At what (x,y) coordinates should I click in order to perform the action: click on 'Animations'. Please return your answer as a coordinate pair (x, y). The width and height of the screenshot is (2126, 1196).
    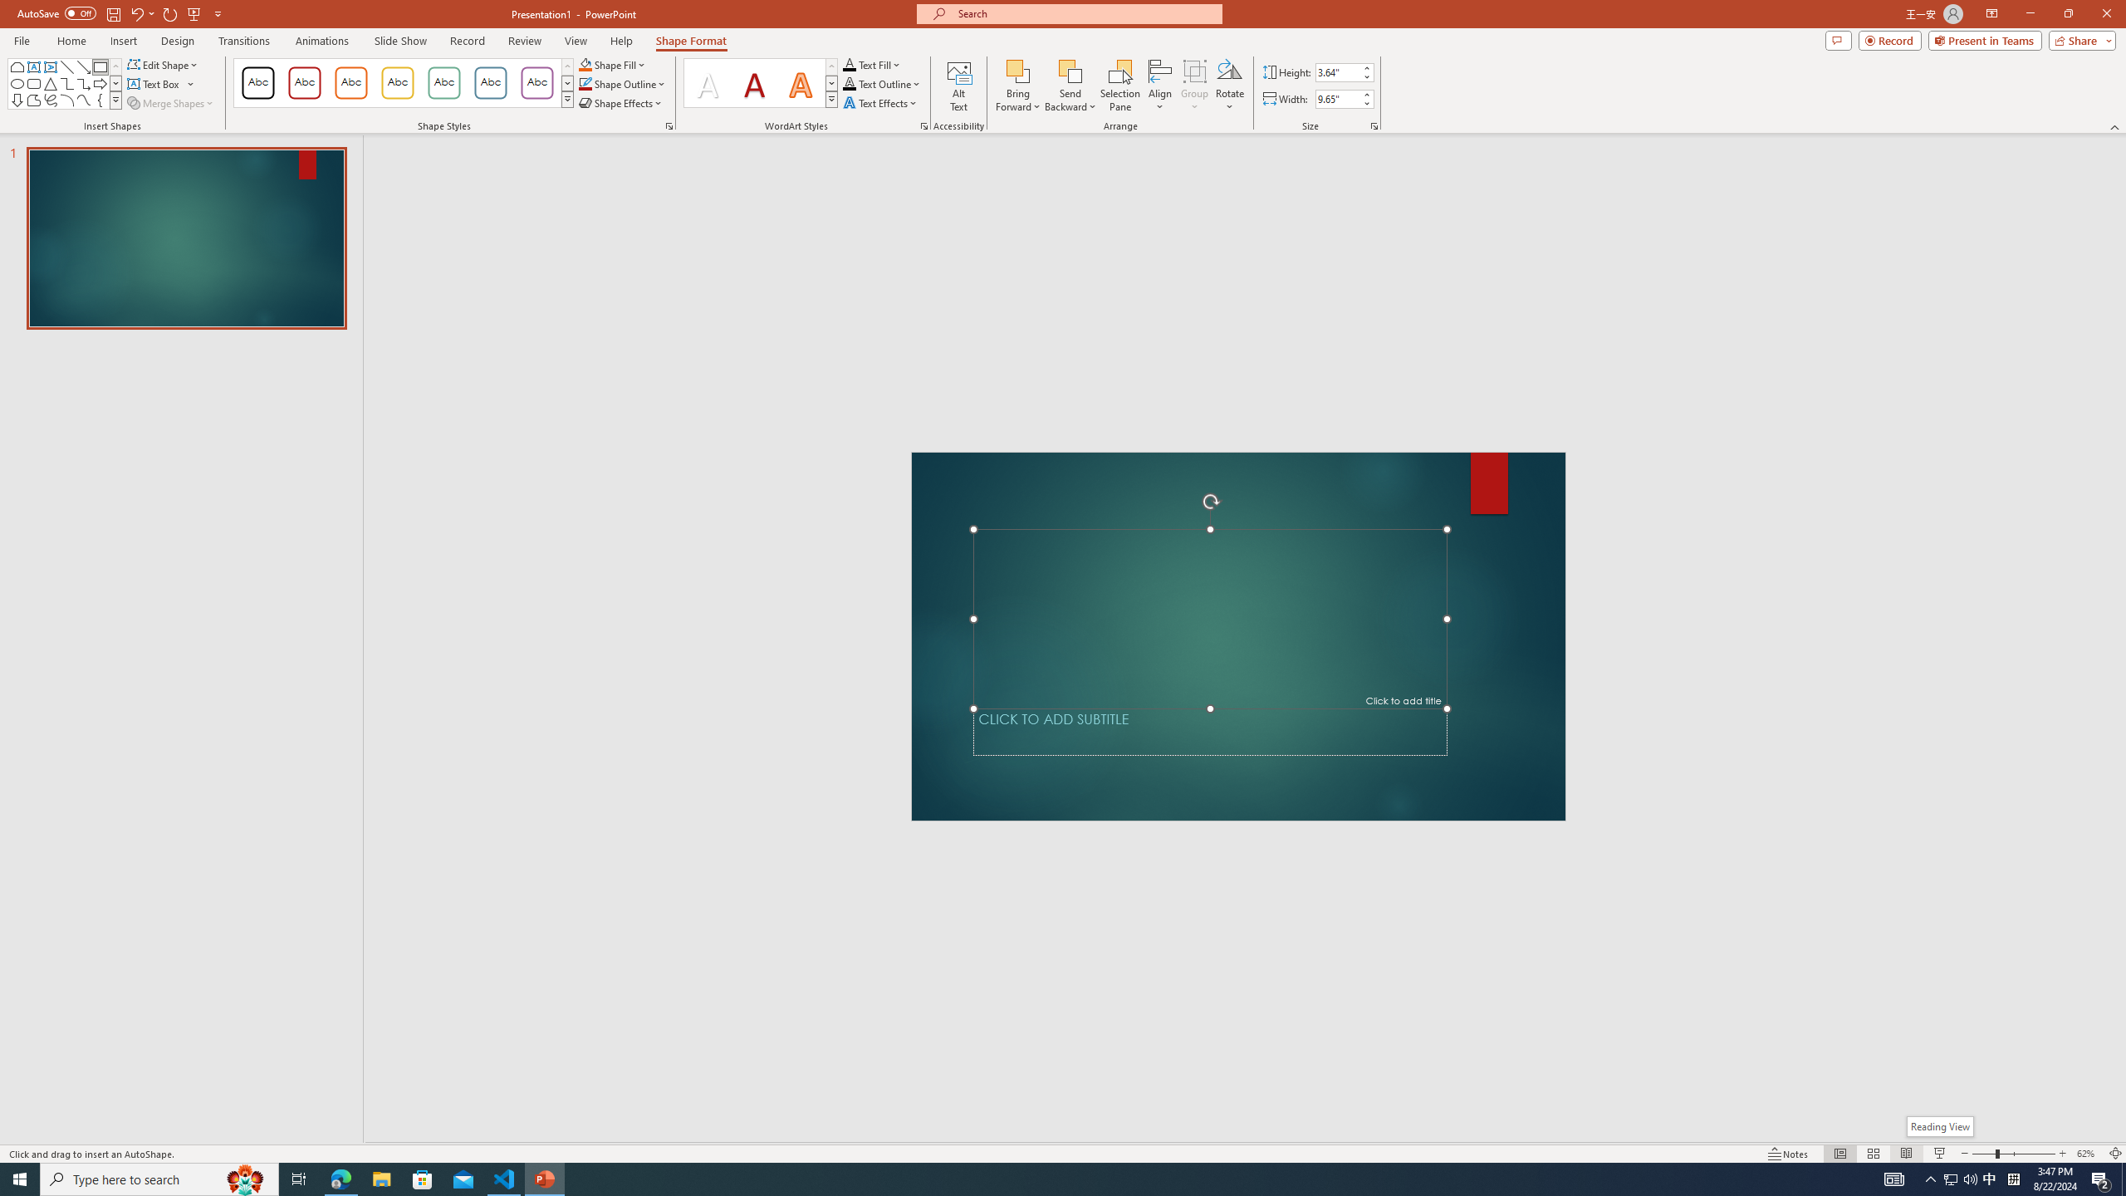
    Looking at the image, I should click on (321, 41).